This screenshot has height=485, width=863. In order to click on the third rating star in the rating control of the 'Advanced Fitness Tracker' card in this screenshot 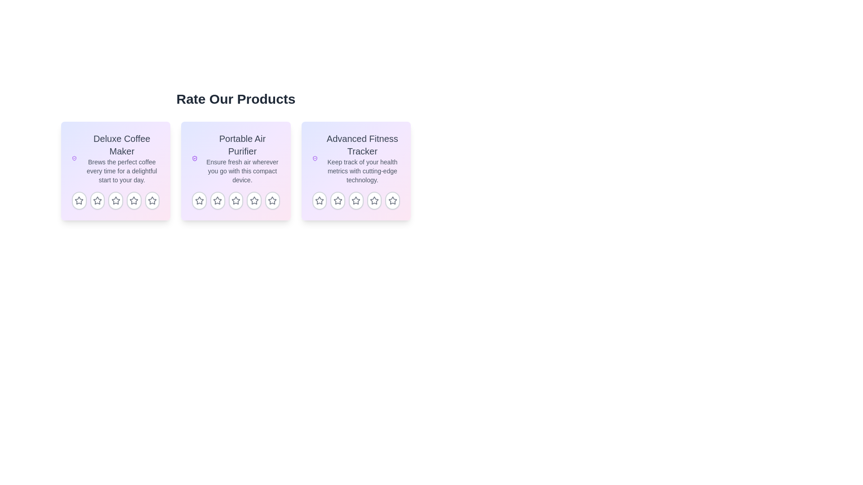, I will do `click(356, 200)`.